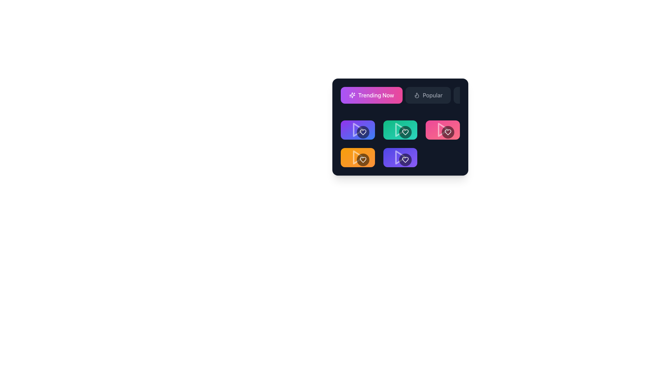 The width and height of the screenshot is (671, 377). Describe the element at coordinates (405, 154) in the screenshot. I see `the like button located at the rightmost edge of its group to activate hover effects` at that location.